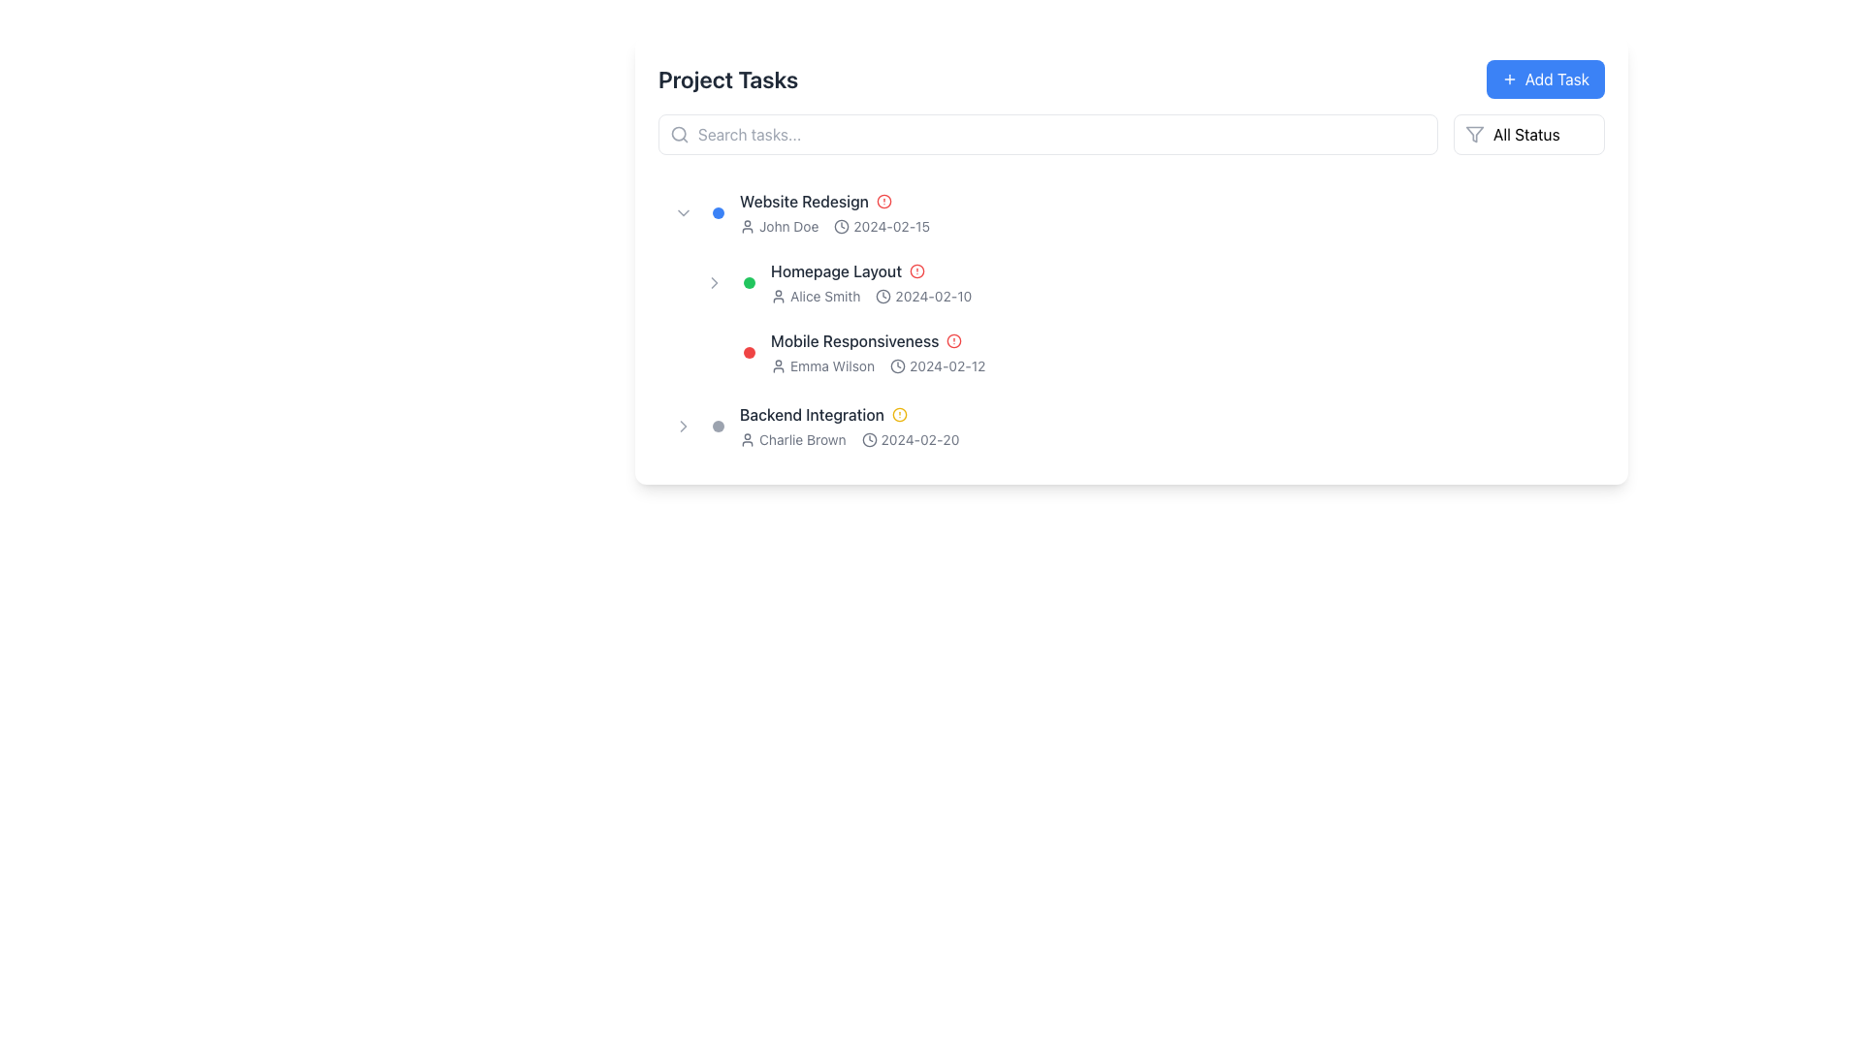 The image size is (1862, 1047). What do you see at coordinates (1131, 352) in the screenshot?
I see `the third task item row in the 'Project Tasks' section` at bounding box center [1131, 352].